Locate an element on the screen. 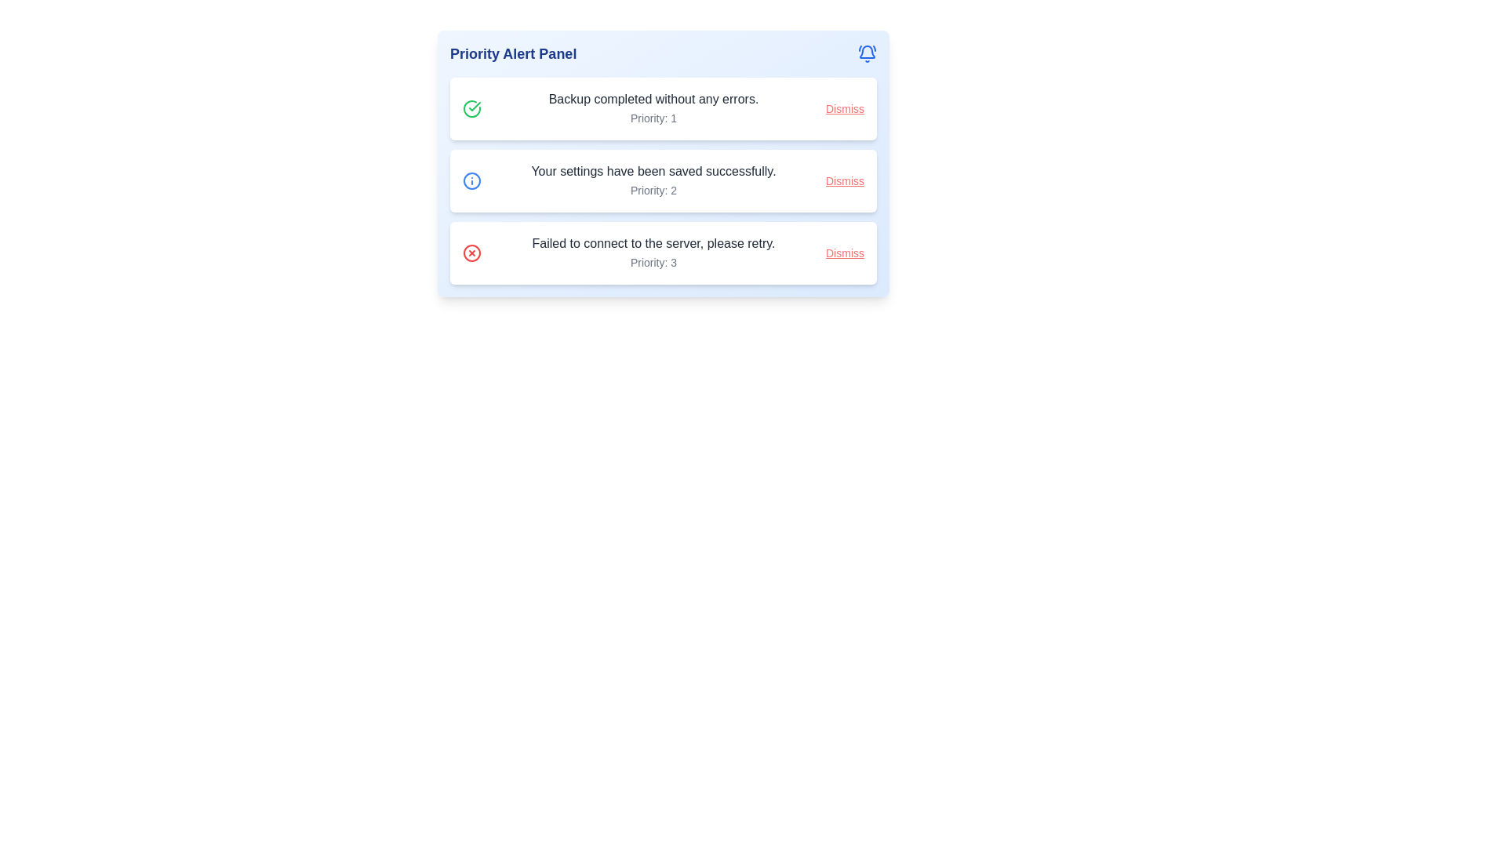 This screenshot has height=847, width=1506. informational text block displaying 'Your settings have been saved successfully.' and 'Priority: 2', which is the second alert message in the vertical list is located at coordinates (653, 180).